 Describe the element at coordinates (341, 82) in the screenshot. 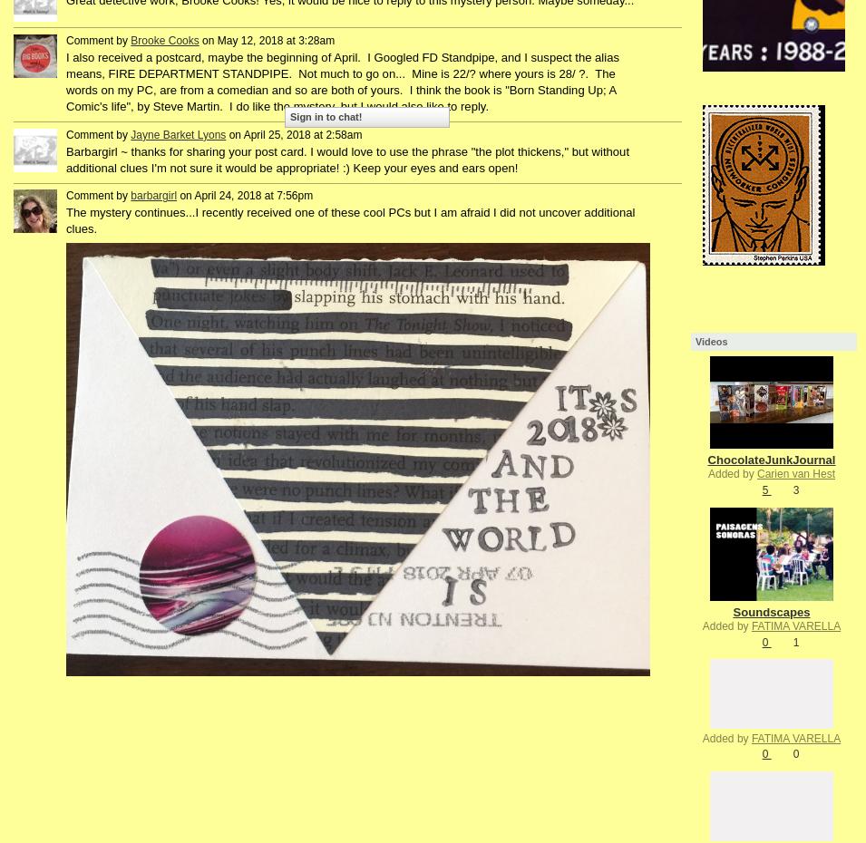

I see `'I also received a postcard, maybe the beginning of April.  I Googled FD Standpipe, and I suspect the alias means, FIRE DEPARTMENT STANDPIPE.  Not much to go on...  Mine is 22/? where yours is 28/ ?.  The words on my PC, are from a comedian and so are both of yours.  I think the book is "Born Standing Up; A Comic's life", by Steve Martin.  I do like the mystery, but I would also like to reply.'` at that location.